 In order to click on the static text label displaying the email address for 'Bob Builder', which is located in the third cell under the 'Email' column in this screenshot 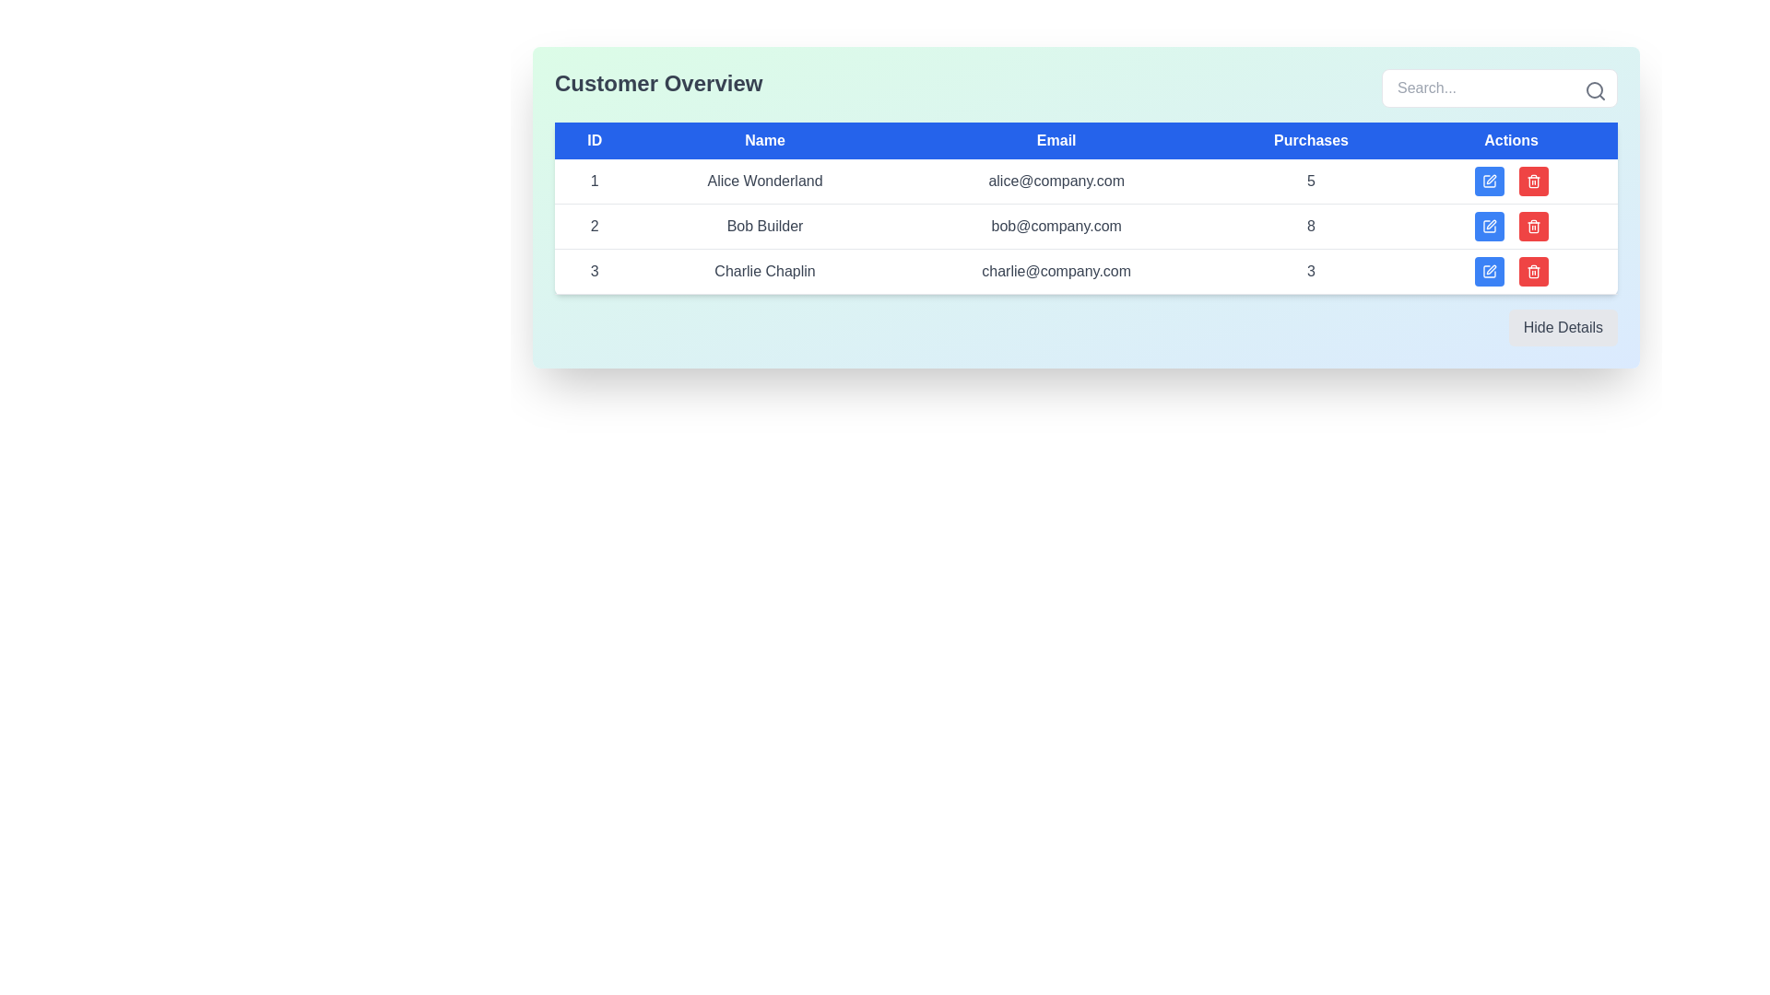, I will do `click(1056, 226)`.